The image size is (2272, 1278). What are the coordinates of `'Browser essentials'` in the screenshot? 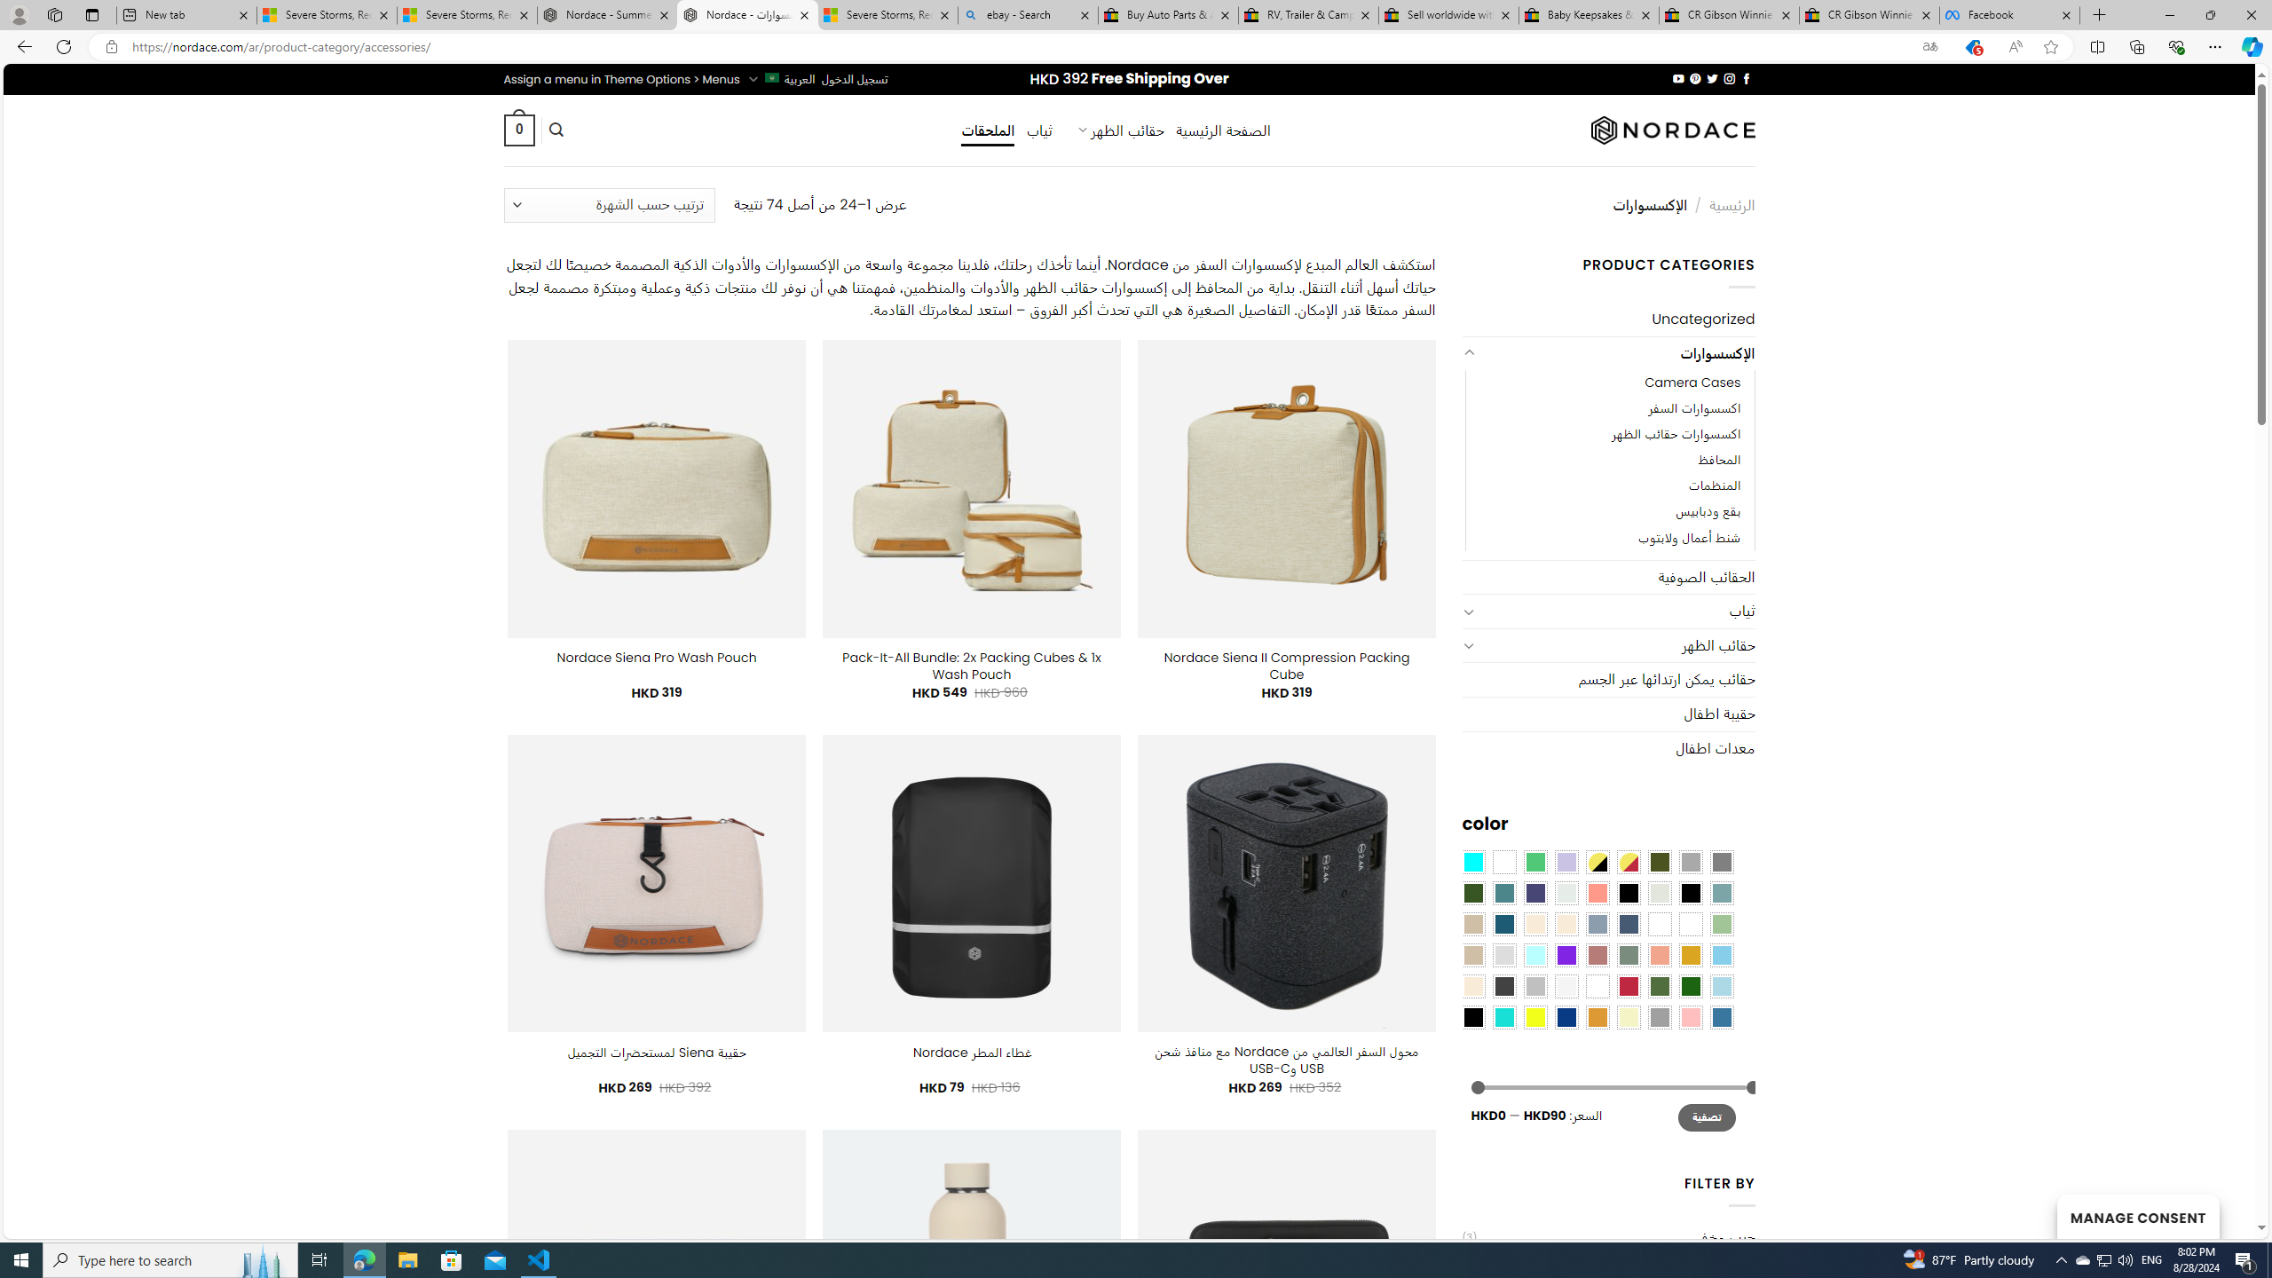 It's located at (2175, 45).